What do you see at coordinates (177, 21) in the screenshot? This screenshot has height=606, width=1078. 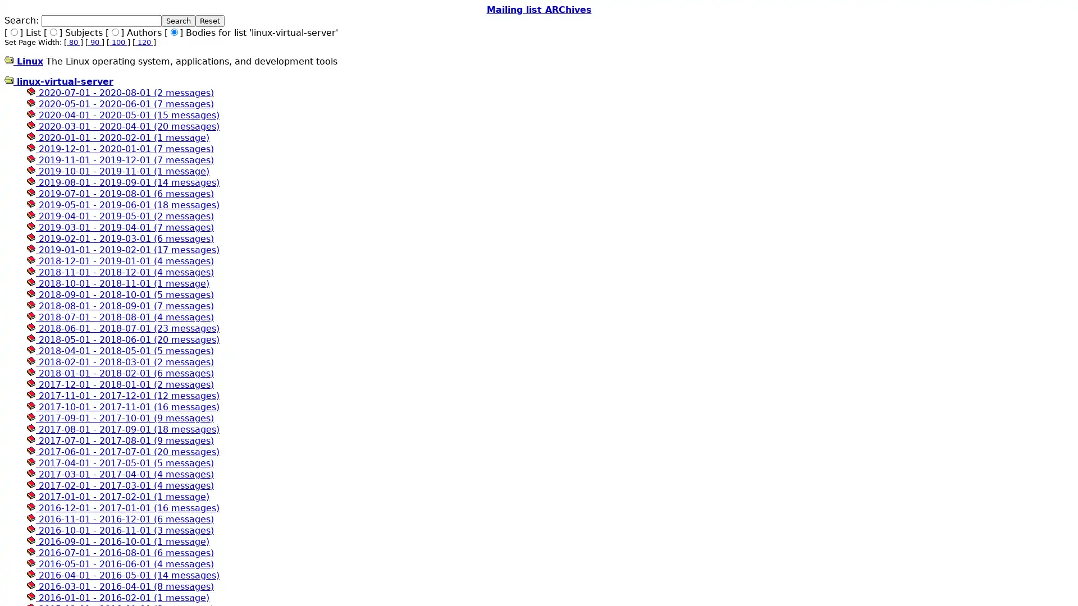 I see `Search` at bounding box center [177, 21].